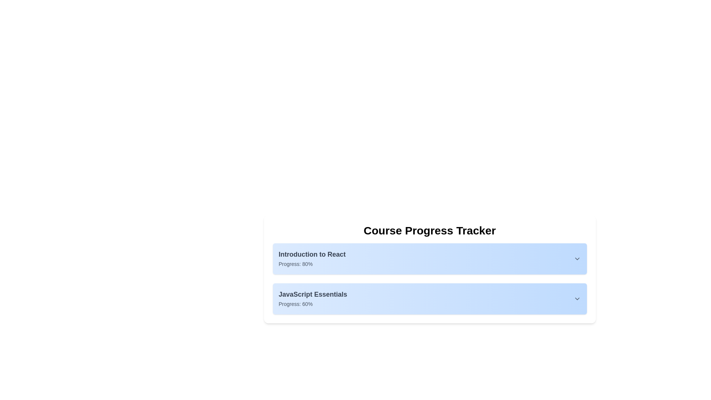 The width and height of the screenshot is (711, 400). I want to click on the chevron-down icon associated with the 'JavaScript Essentials' course section to trigger the dropdown function, so click(577, 298).